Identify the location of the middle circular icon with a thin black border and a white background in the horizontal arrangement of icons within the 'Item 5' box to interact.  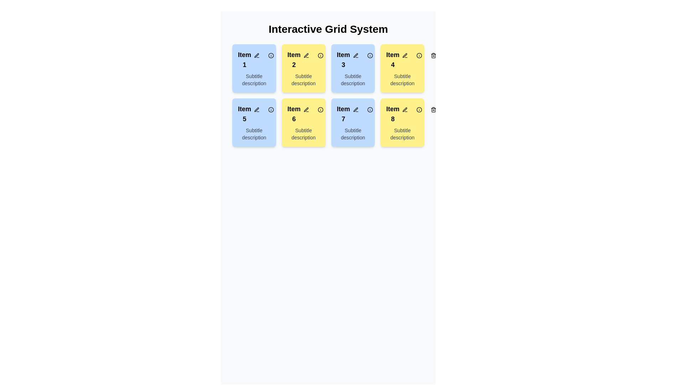
(271, 110).